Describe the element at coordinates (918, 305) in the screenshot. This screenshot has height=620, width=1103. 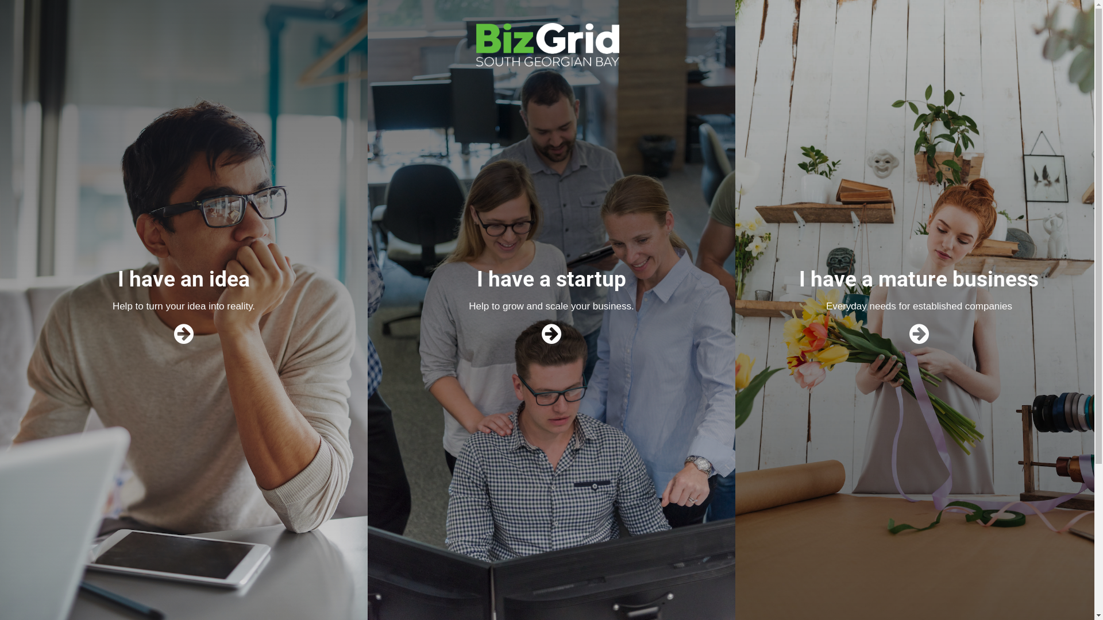
I see `'Everyday needs for established companies'` at that location.